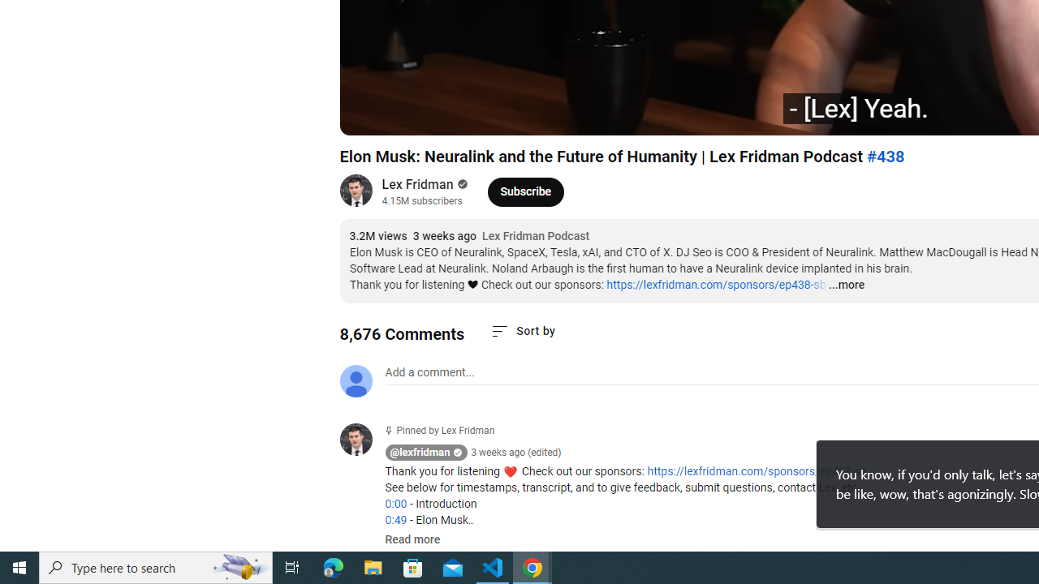 The image size is (1039, 584). I want to click on '0:49', so click(395, 520).